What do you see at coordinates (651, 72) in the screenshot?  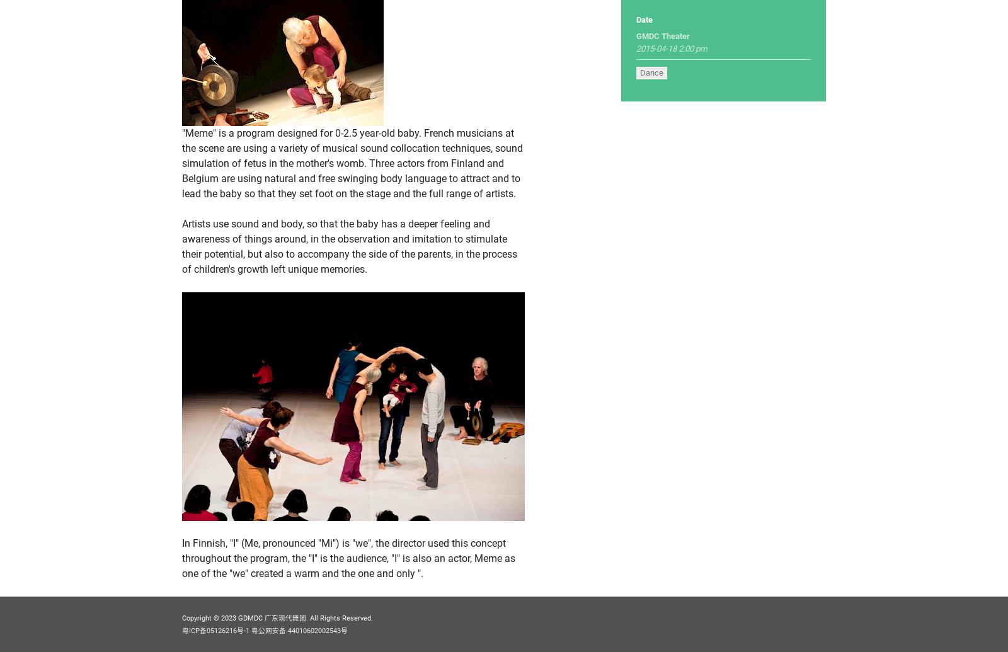 I see `'Dance'` at bounding box center [651, 72].